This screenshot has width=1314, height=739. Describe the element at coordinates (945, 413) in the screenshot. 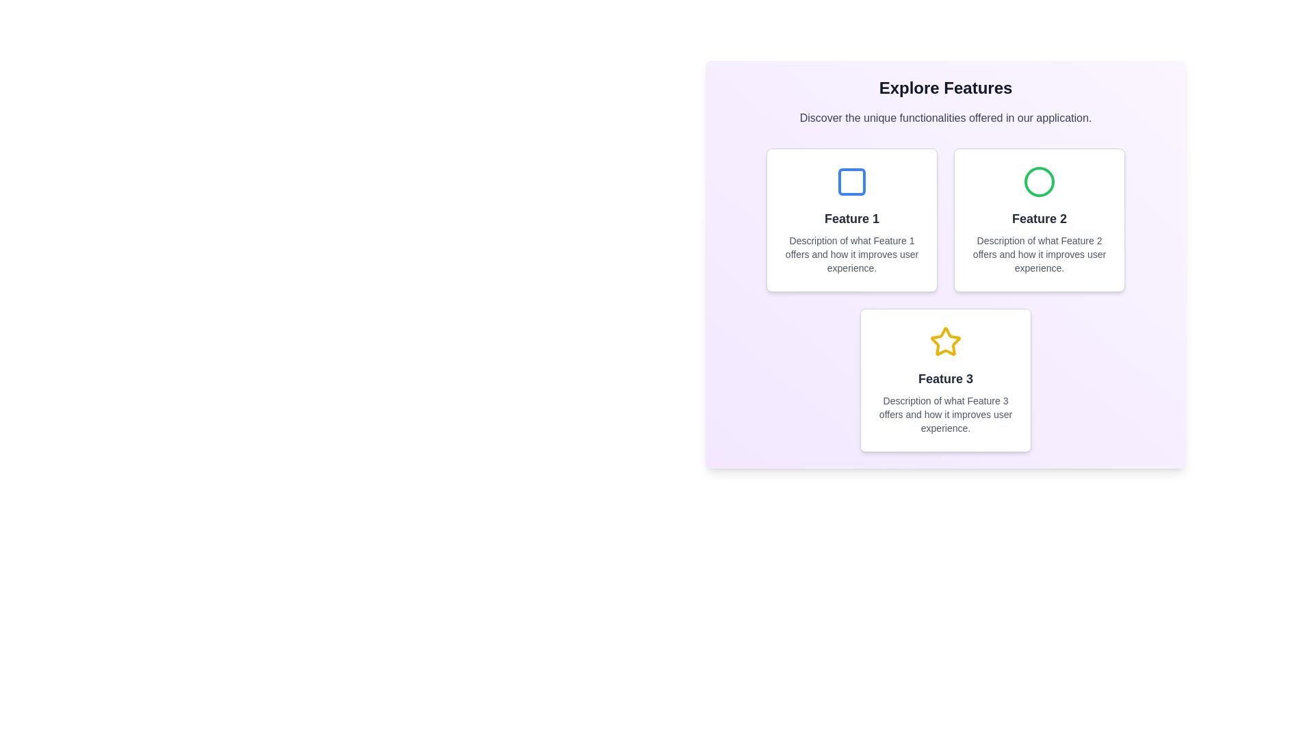

I see `the static text that provides a brief explanatory description of 'Feature 3', located at the base of the third feature card in a three-card grid layout` at that location.